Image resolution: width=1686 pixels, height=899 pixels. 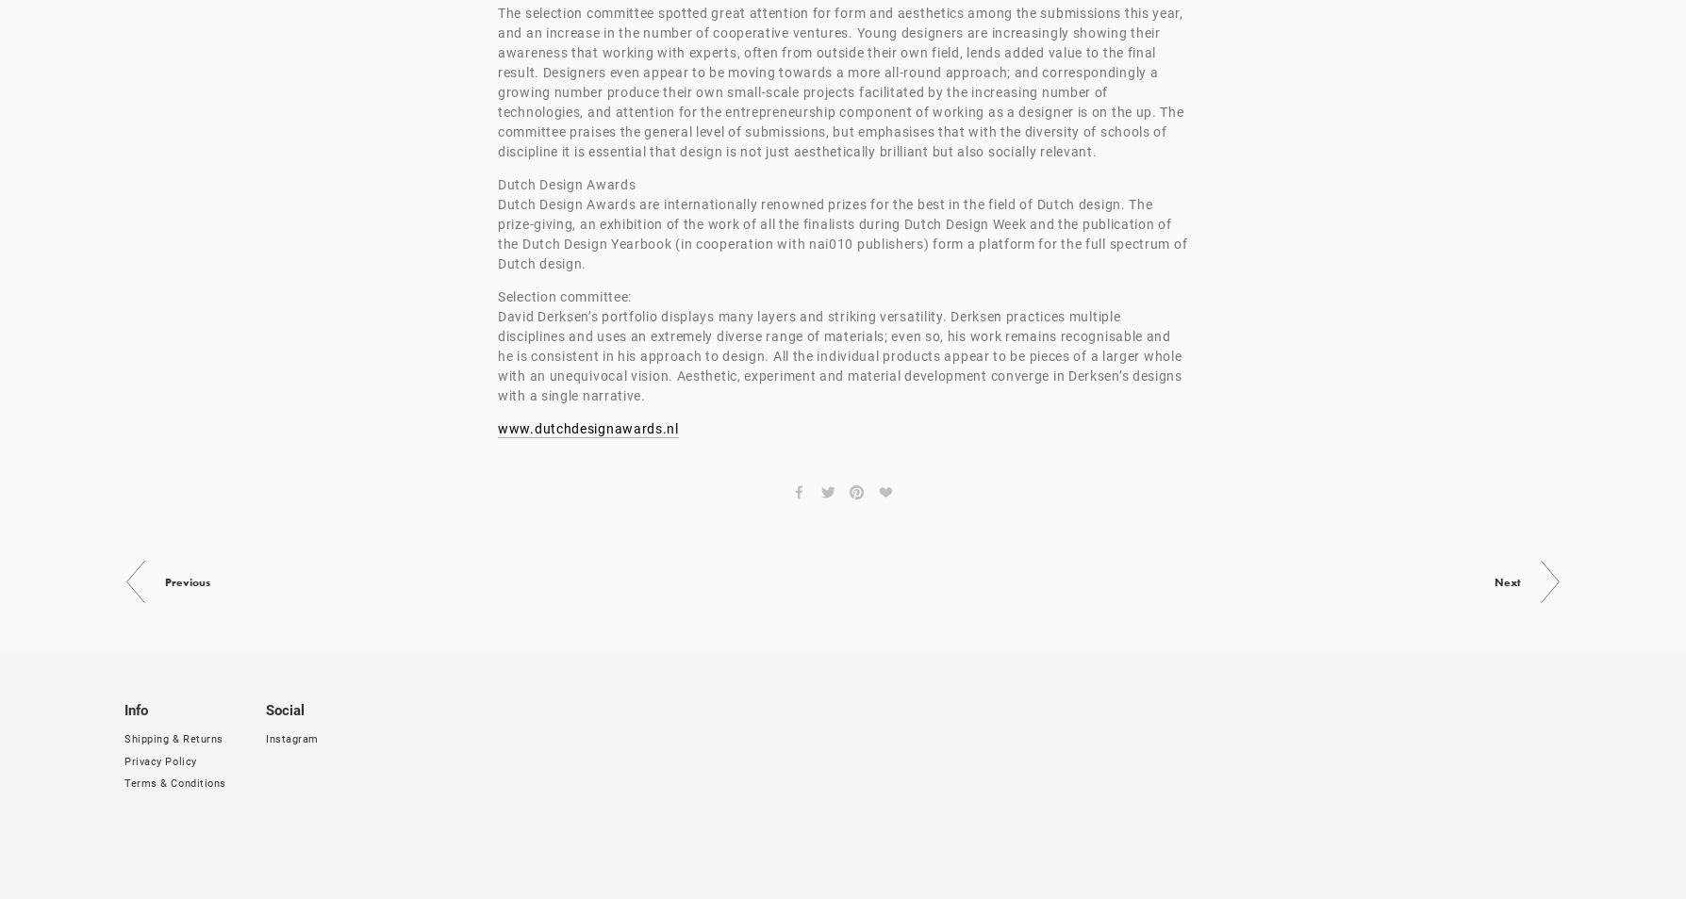 What do you see at coordinates (564, 297) in the screenshot?
I see `'Selection committee:'` at bounding box center [564, 297].